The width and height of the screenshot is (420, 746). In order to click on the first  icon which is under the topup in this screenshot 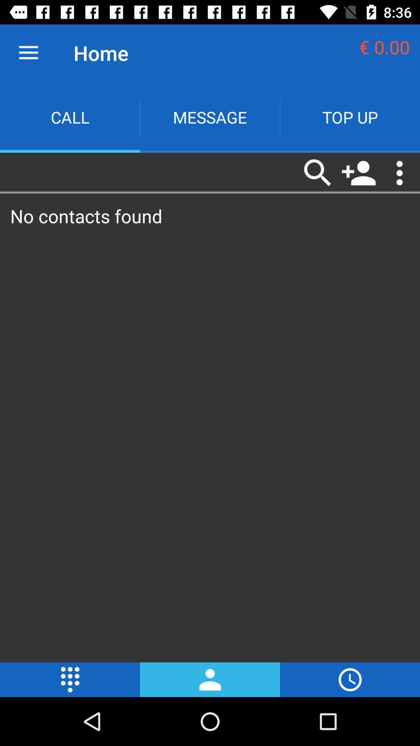, I will do `click(318, 173)`.